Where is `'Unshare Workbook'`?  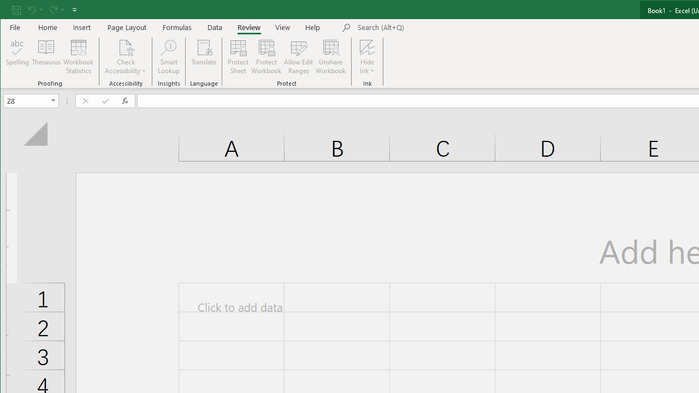 'Unshare Workbook' is located at coordinates (330, 57).